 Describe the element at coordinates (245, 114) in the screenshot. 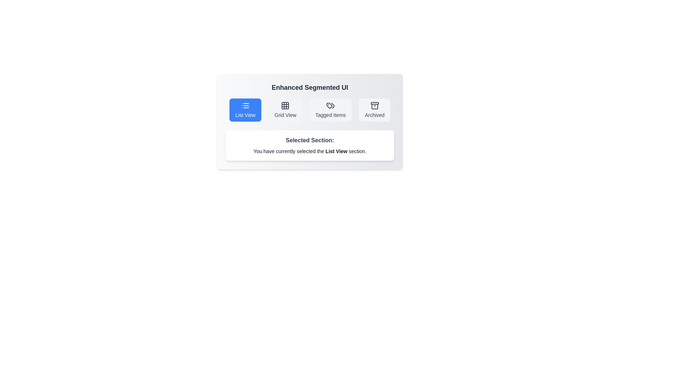

I see `text content of the 'List View' text label which is styled with a smaller font and is part of a blue button located in the segmented UI layout` at that location.